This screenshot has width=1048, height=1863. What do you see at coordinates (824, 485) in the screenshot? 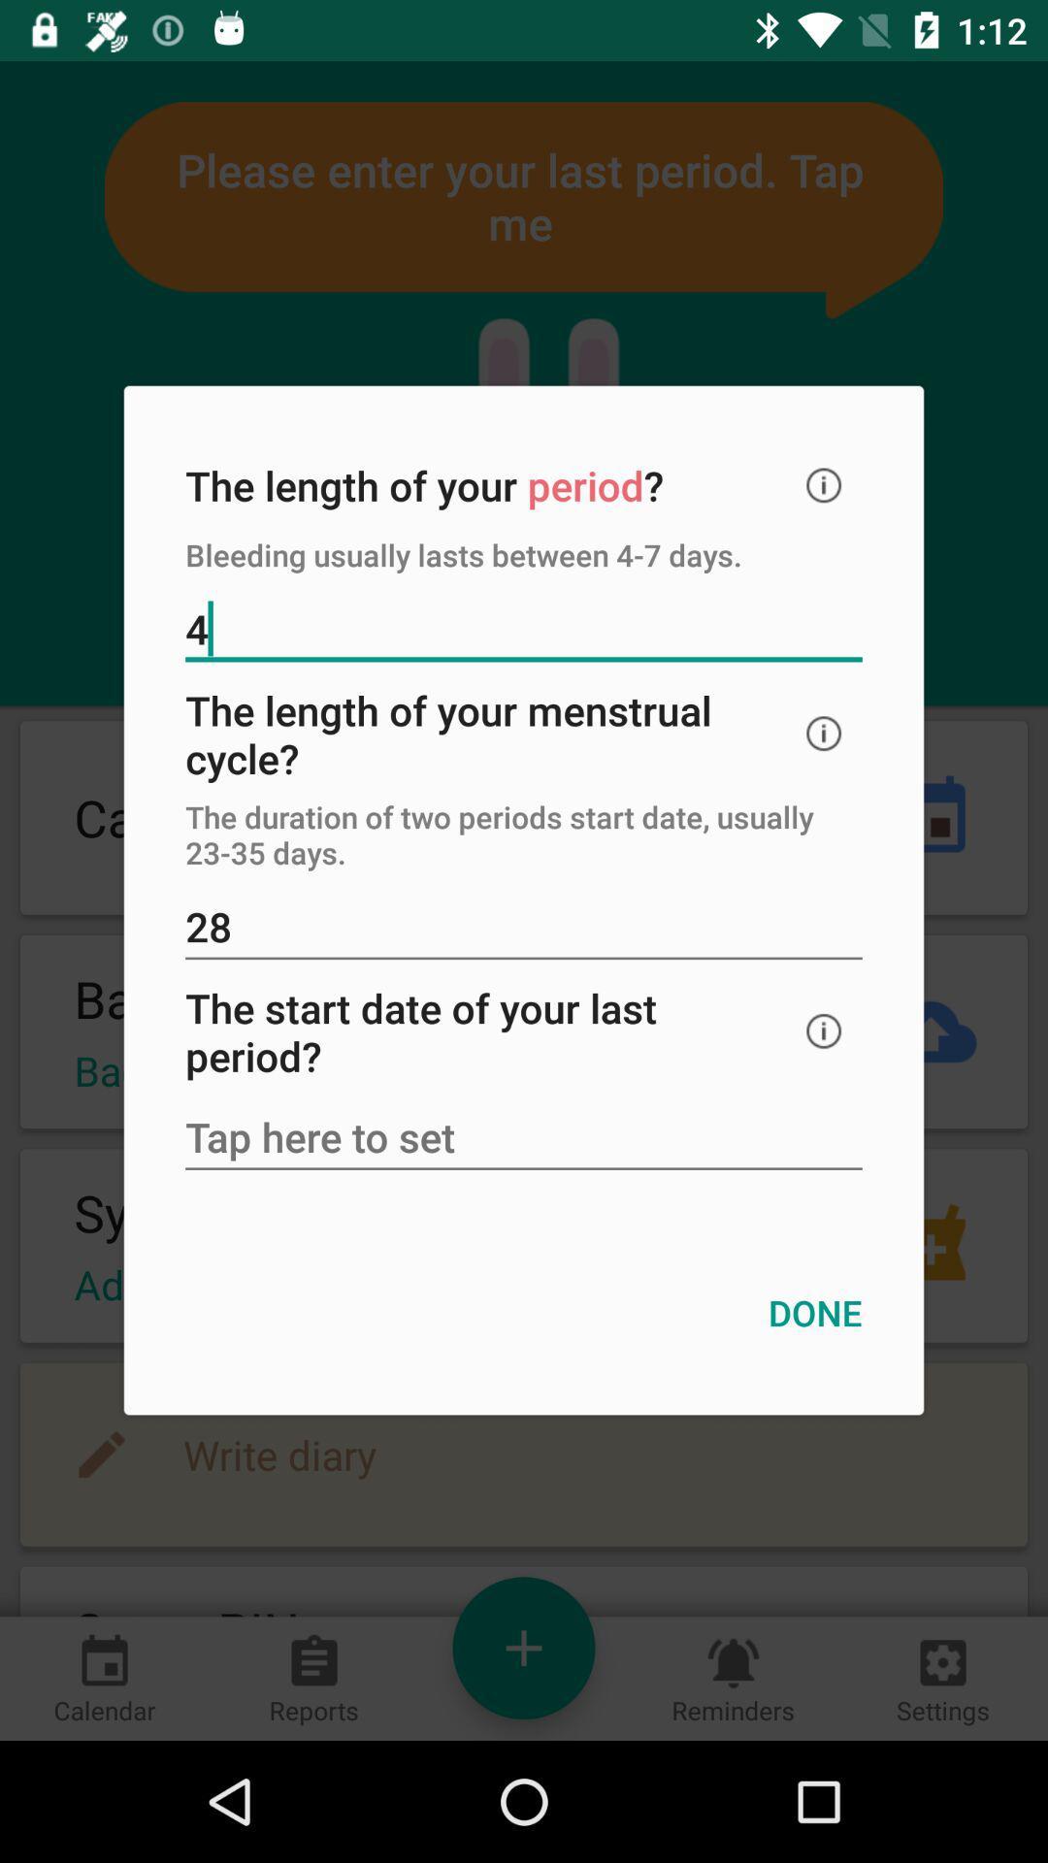
I see `icon at the top right corner` at bounding box center [824, 485].